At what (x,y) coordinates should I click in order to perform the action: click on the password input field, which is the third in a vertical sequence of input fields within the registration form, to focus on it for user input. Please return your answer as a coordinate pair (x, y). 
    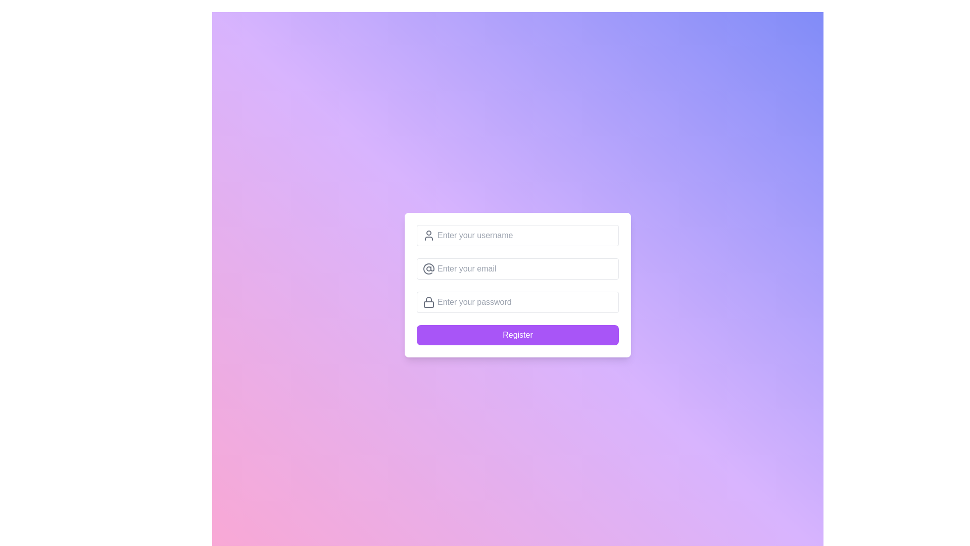
    Looking at the image, I should click on (518, 301).